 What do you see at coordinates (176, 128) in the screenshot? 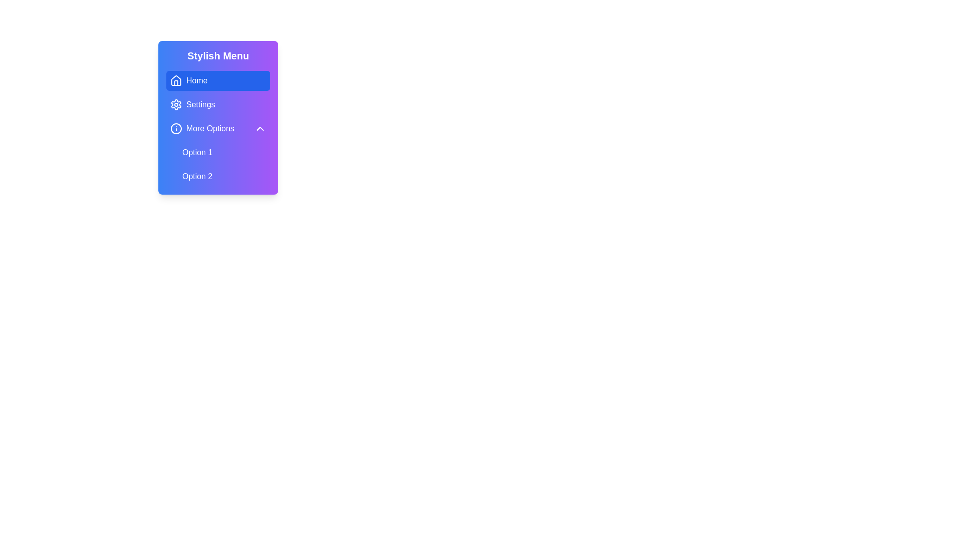
I see `the information icon styled as a circle with the letter 'i' in the center, located to the left of the 'More Options' label in the vertical menu` at bounding box center [176, 128].